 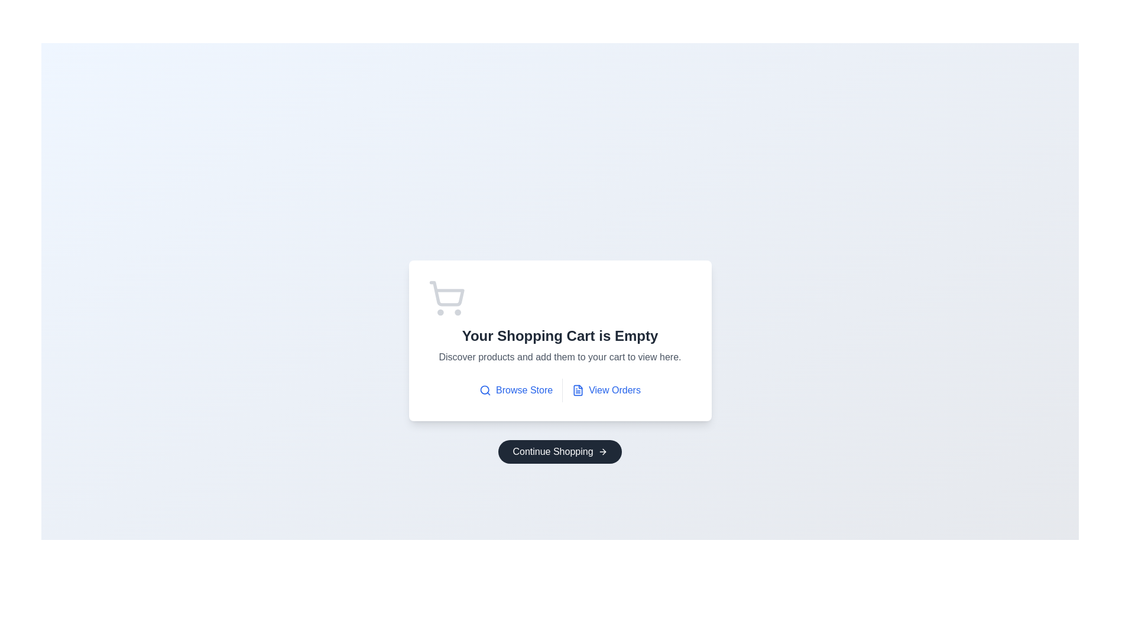 I want to click on the 'This Text link' navigation link in the user interface, so click(x=615, y=390).